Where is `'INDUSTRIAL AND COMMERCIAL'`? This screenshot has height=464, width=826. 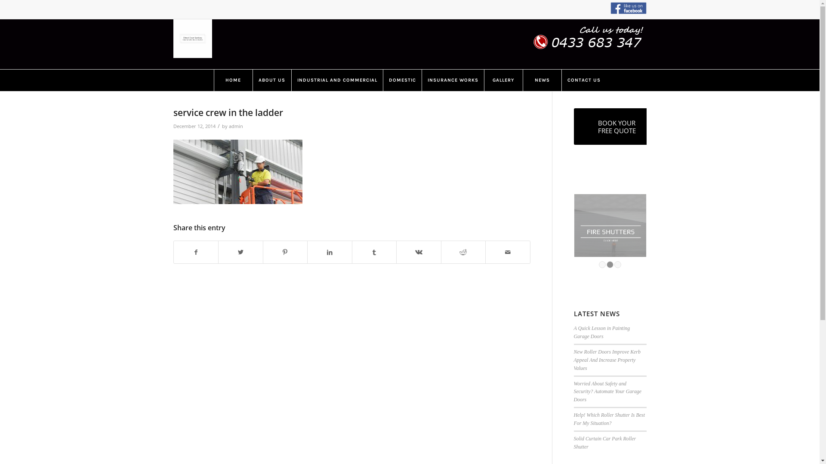 'INDUSTRIAL AND COMMERCIAL' is located at coordinates (336, 80).